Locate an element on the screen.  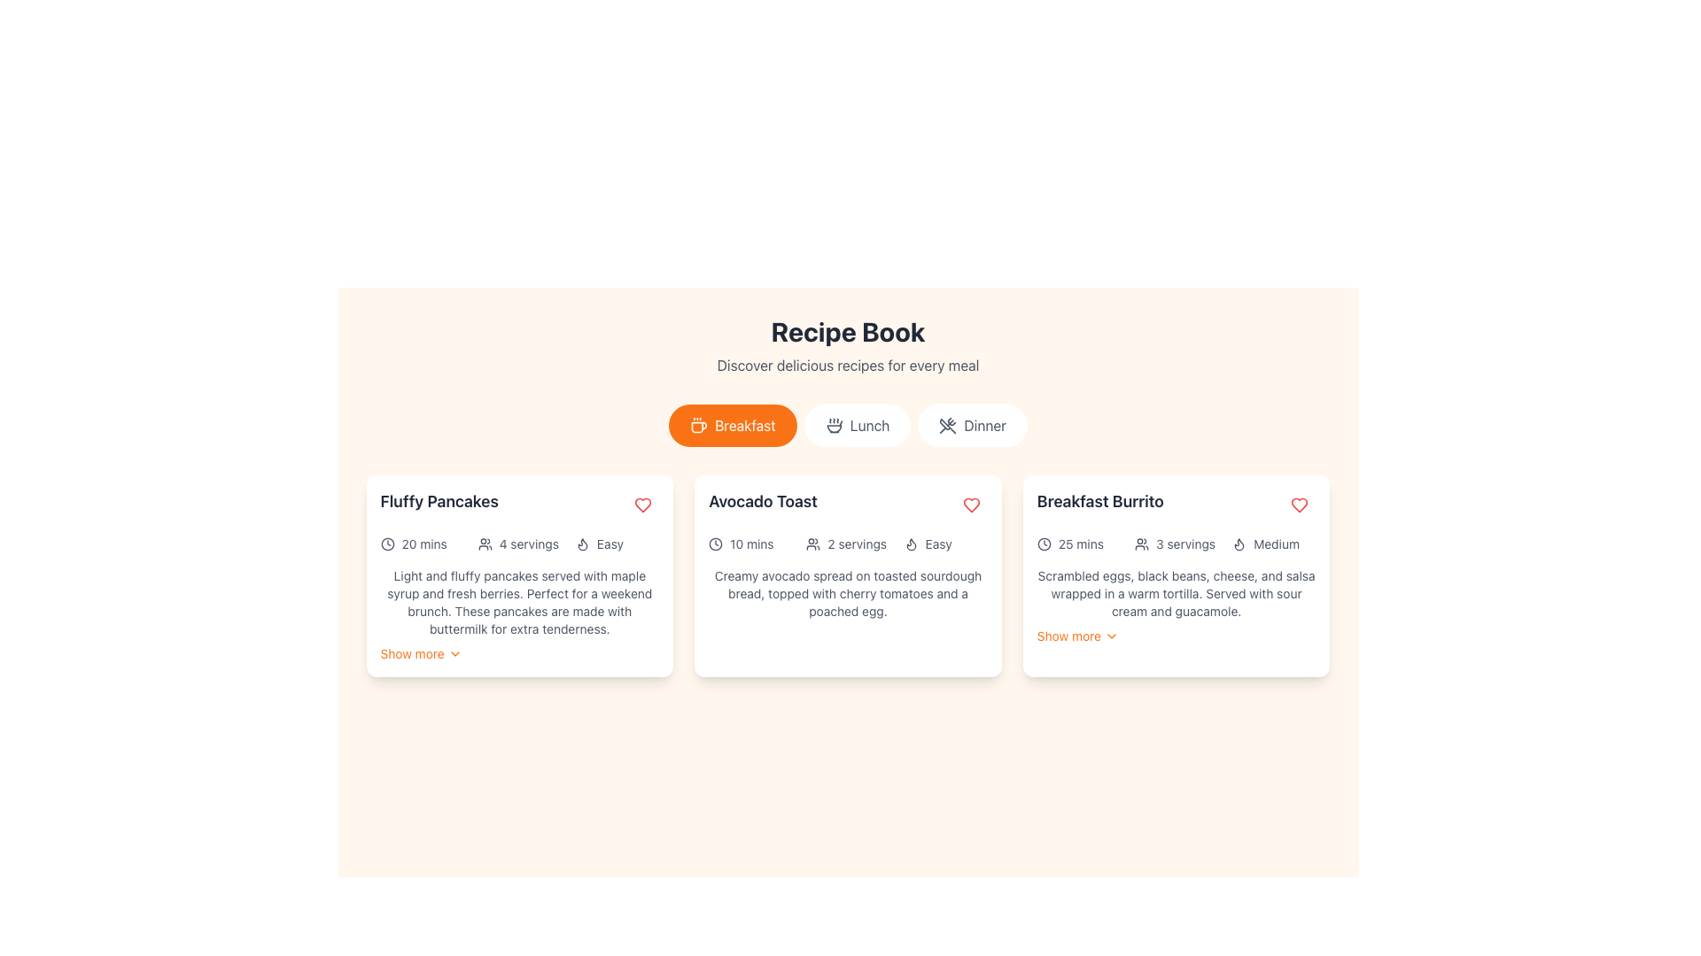
the SVG Circle element which serves as a decorative part of the clock icon in the Recipe Book interface is located at coordinates (1044, 543).